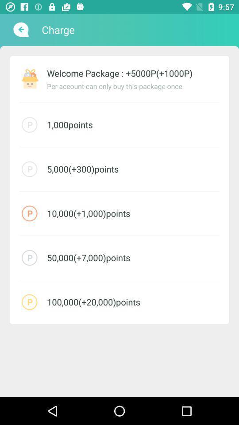  I want to click on the icon to the left of the charge icon, so click(20, 30).